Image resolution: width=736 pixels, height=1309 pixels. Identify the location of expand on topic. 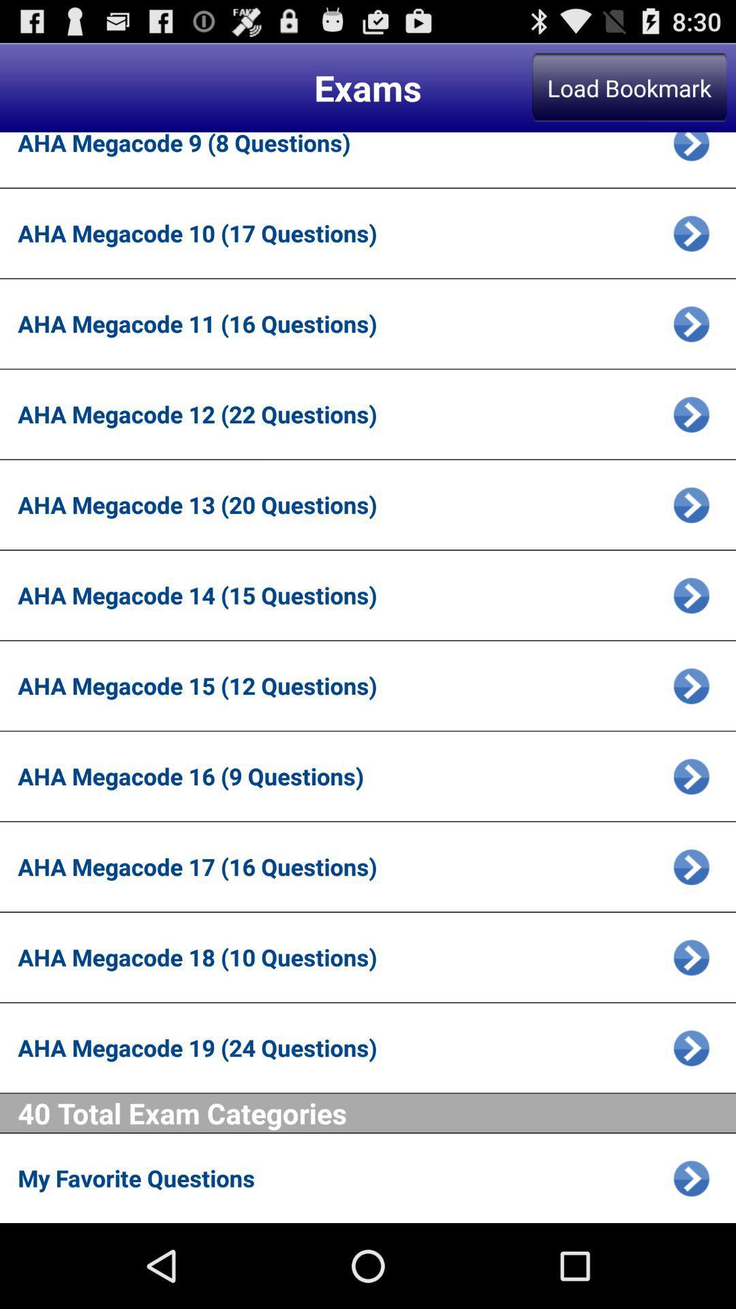
(691, 776).